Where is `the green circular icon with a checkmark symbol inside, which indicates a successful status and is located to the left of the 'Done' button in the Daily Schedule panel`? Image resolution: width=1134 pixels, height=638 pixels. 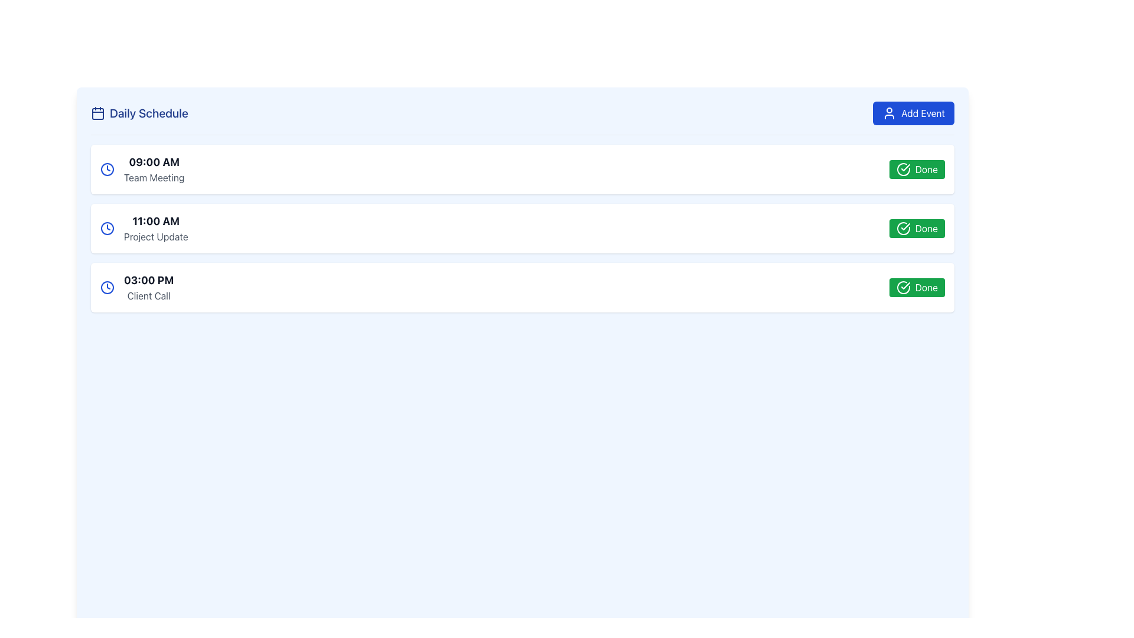 the green circular icon with a checkmark symbol inside, which indicates a successful status and is located to the left of the 'Done' button in the Daily Schedule panel is located at coordinates (902, 228).